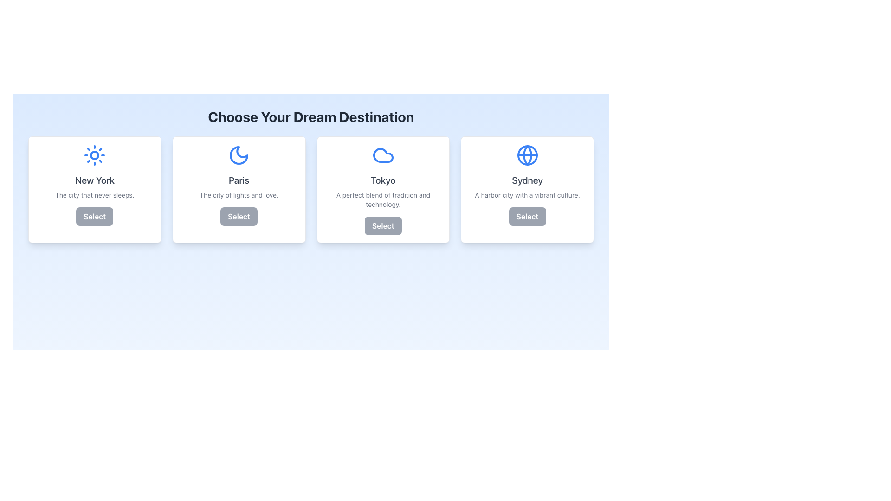 Image resolution: width=891 pixels, height=501 pixels. What do you see at coordinates (527, 216) in the screenshot?
I see `the button located at the bottom of the 'Sydney' card` at bounding box center [527, 216].